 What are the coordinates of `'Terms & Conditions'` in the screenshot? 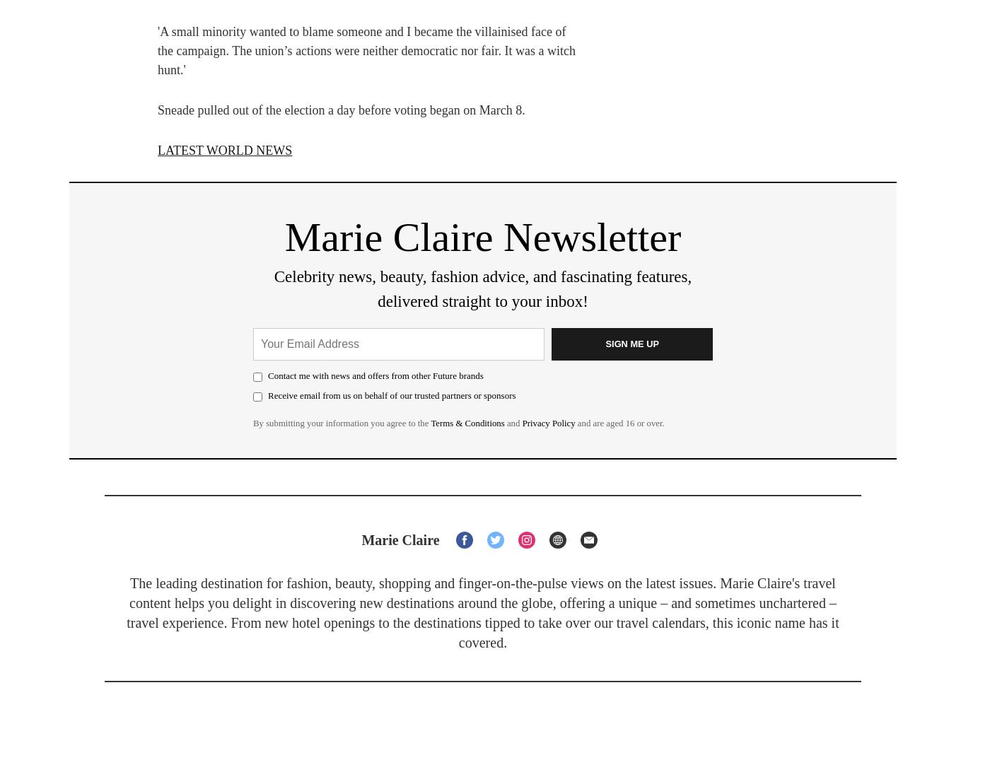 It's located at (467, 422).